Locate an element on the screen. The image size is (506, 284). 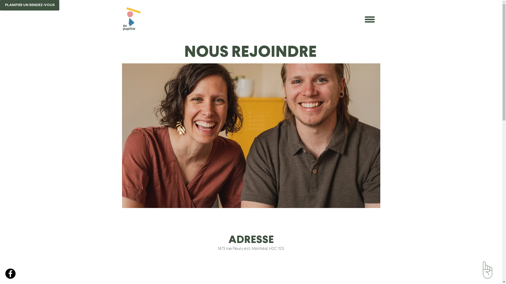
'PLANIFIER UN RENDEZ-VOUS' is located at coordinates (29, 5).